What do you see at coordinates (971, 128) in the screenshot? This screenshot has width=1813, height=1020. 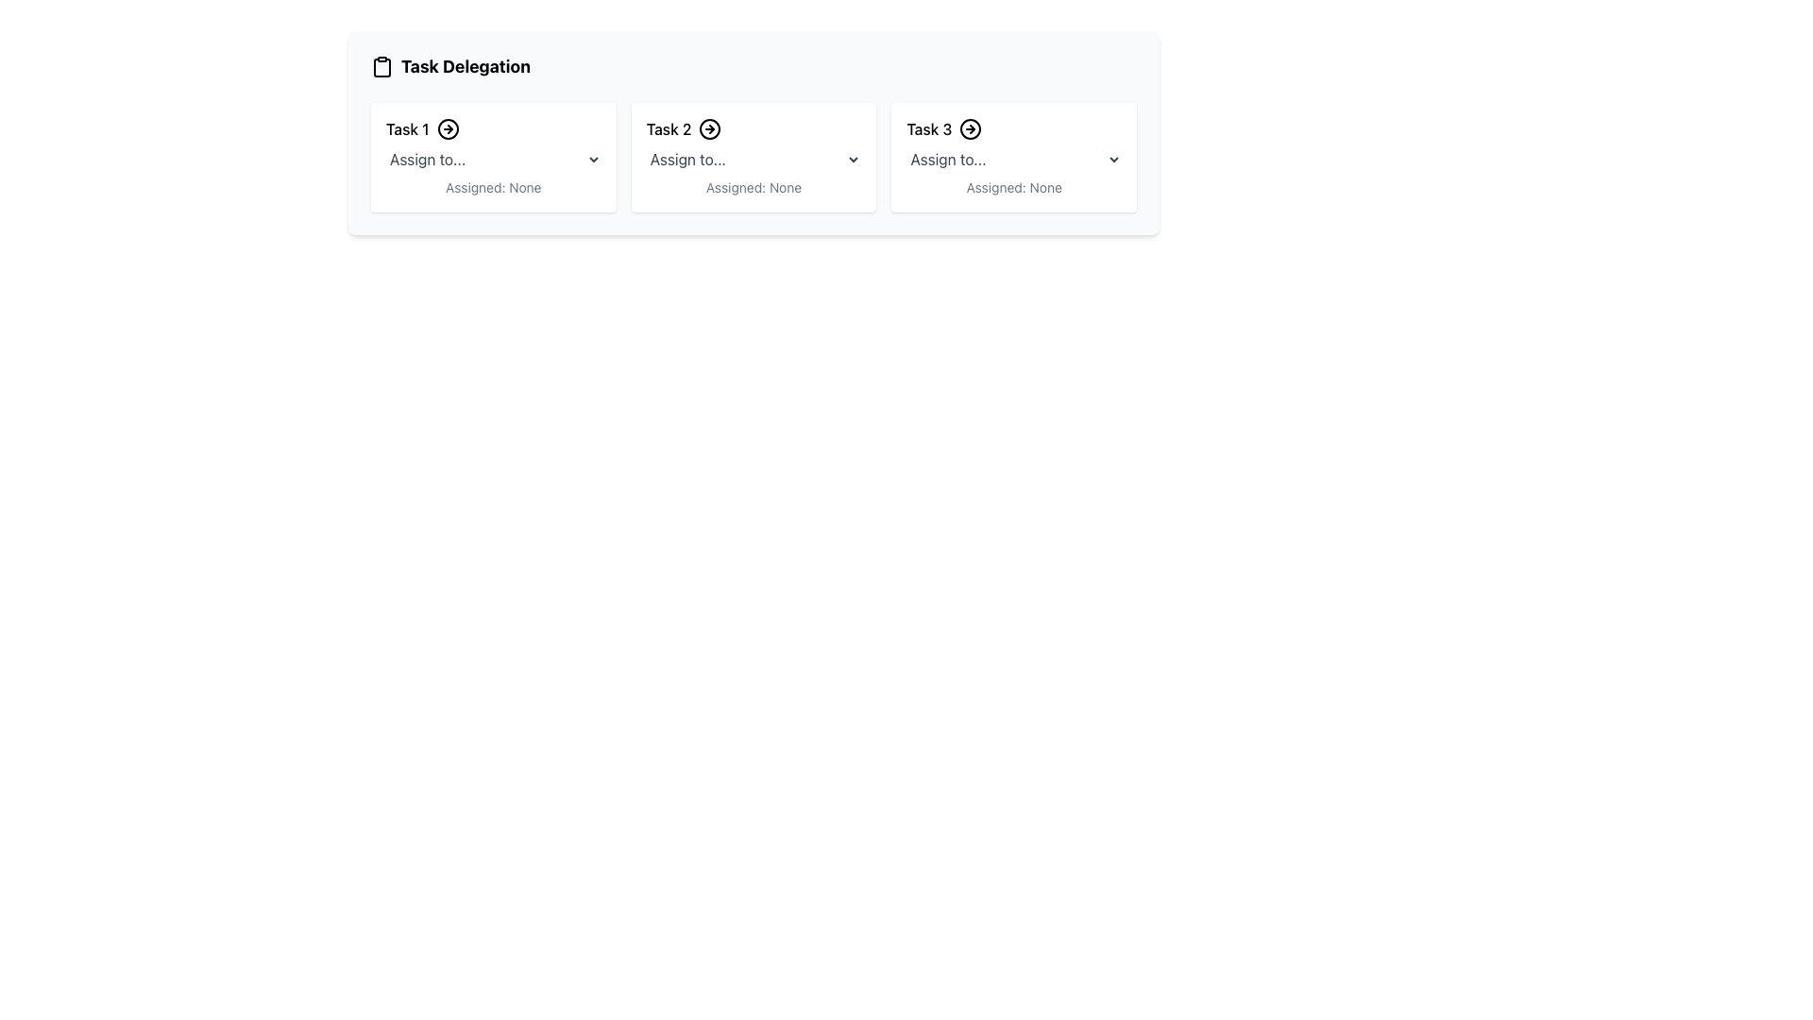 I see `the Icon within the 'Task 3' card located in the upper-right area of the 'Task Delegation' section` at bounding box center [971, 128].